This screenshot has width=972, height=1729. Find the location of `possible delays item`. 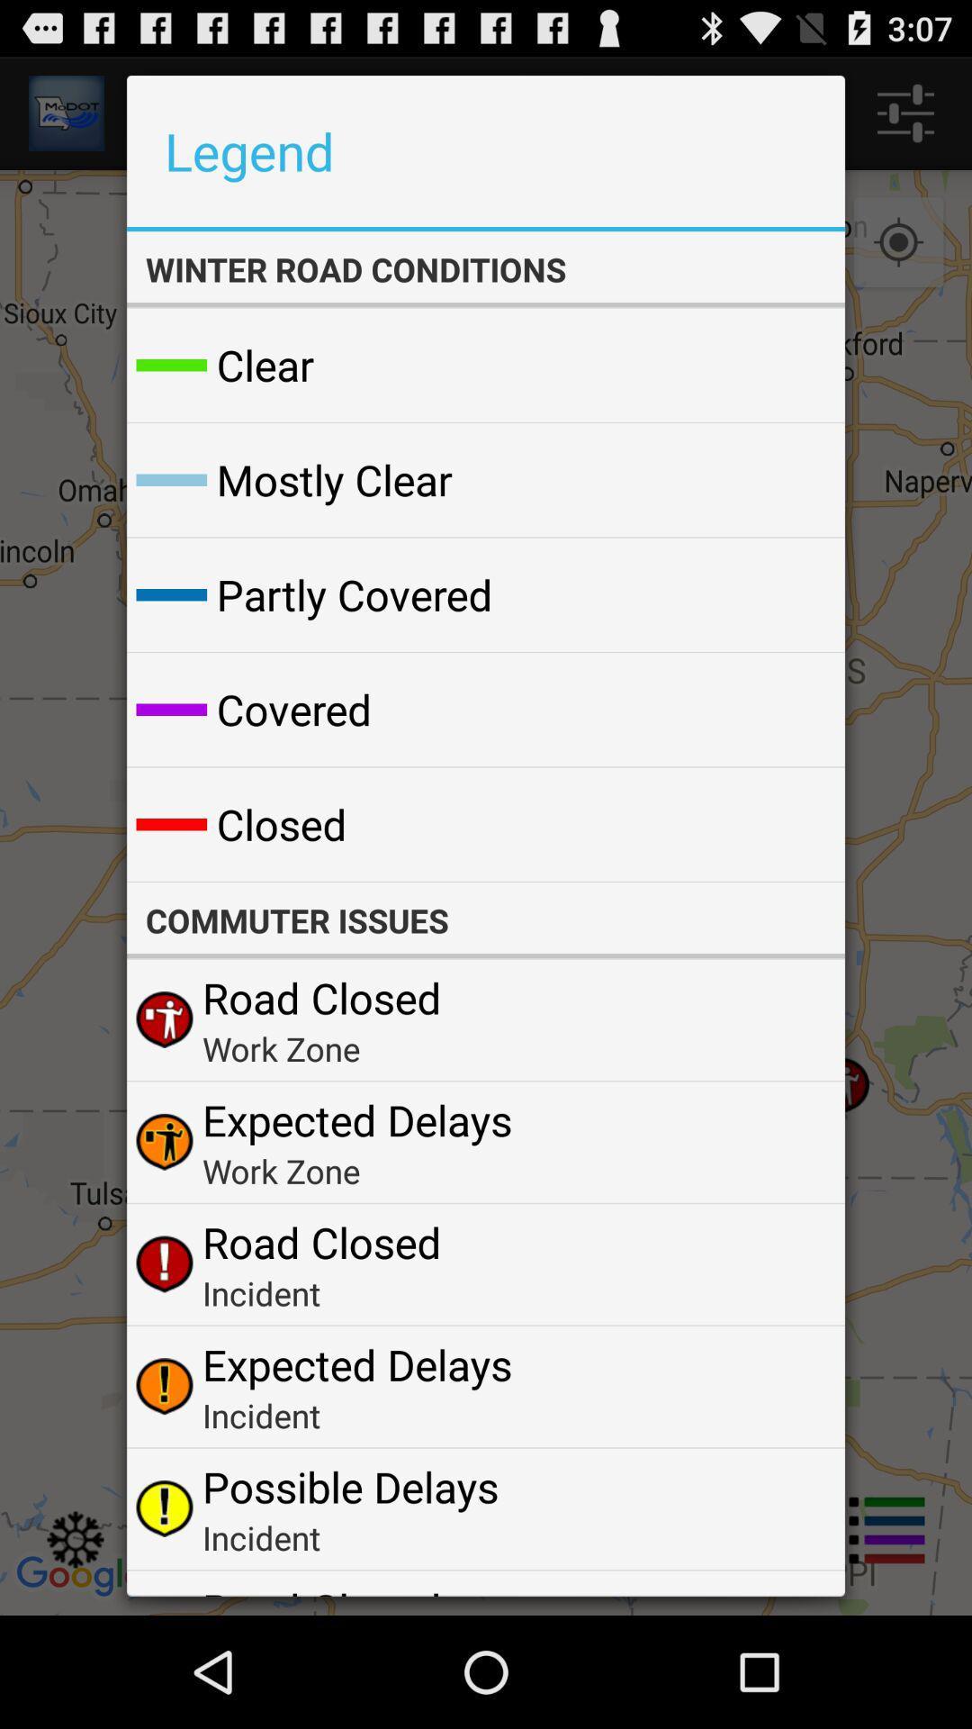

possible delays item is located at coordinates (350, 1487).